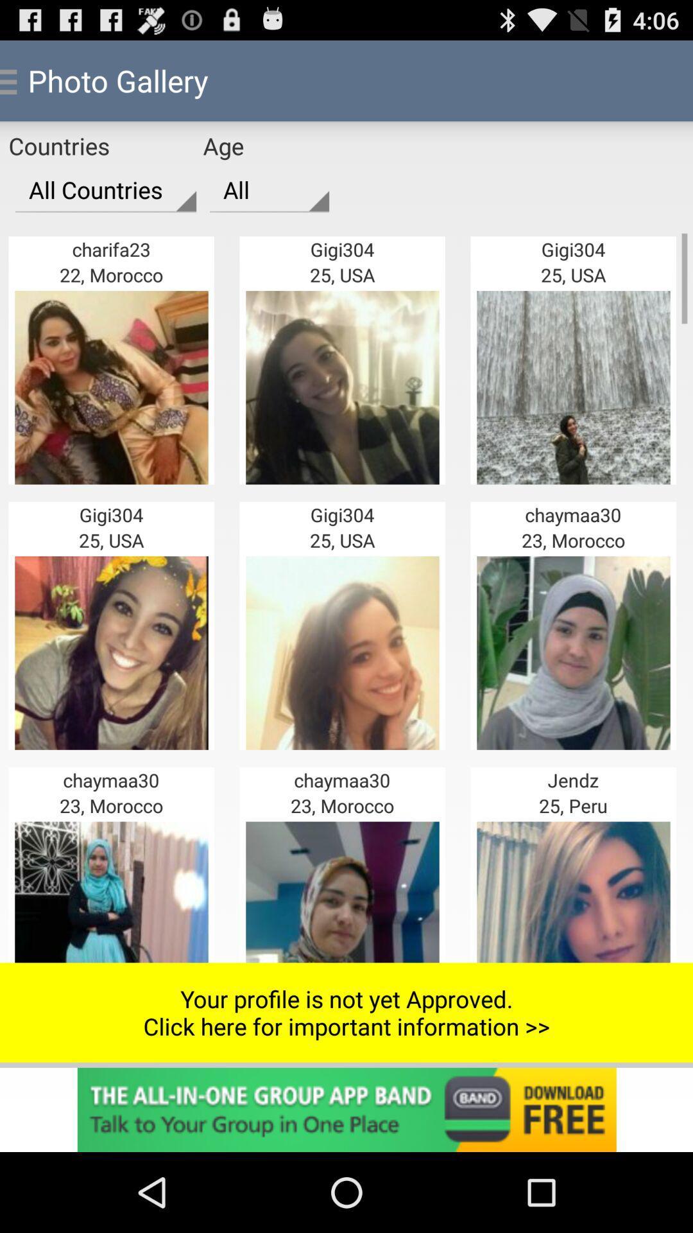 This screenshot has height=1233, width=693. What do you see at coordinates (346, 1109) in the screenshot?
I see `open advertisement` at bounding box center [346, 1109].